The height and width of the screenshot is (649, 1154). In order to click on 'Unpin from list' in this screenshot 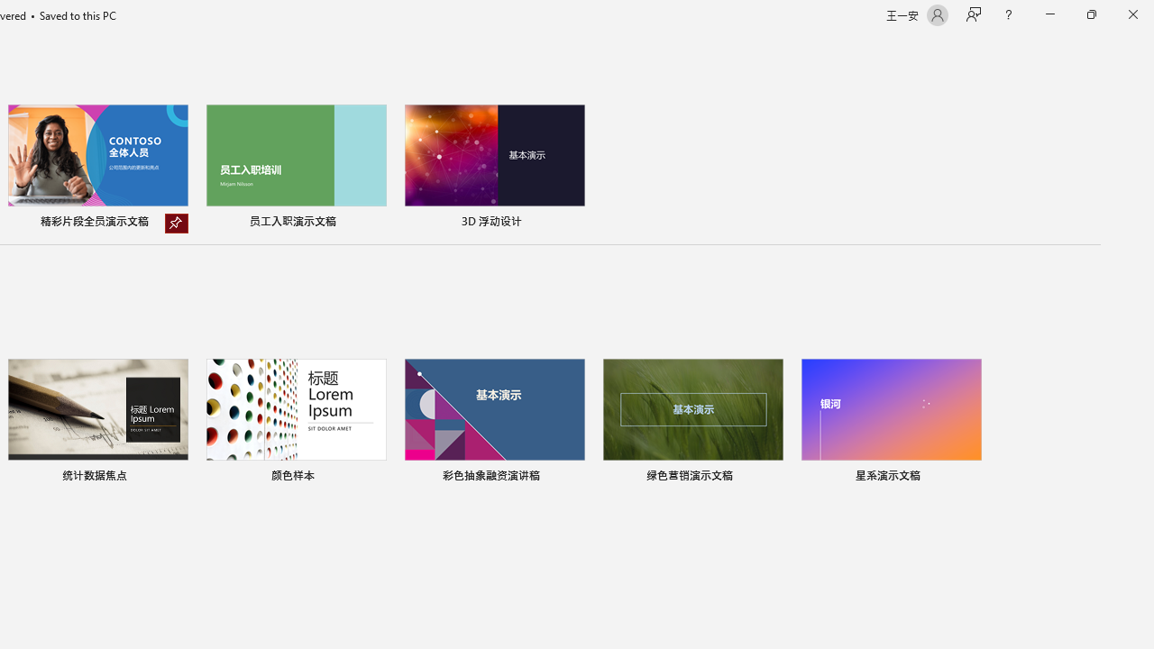, I will do `click(176, 223)`.